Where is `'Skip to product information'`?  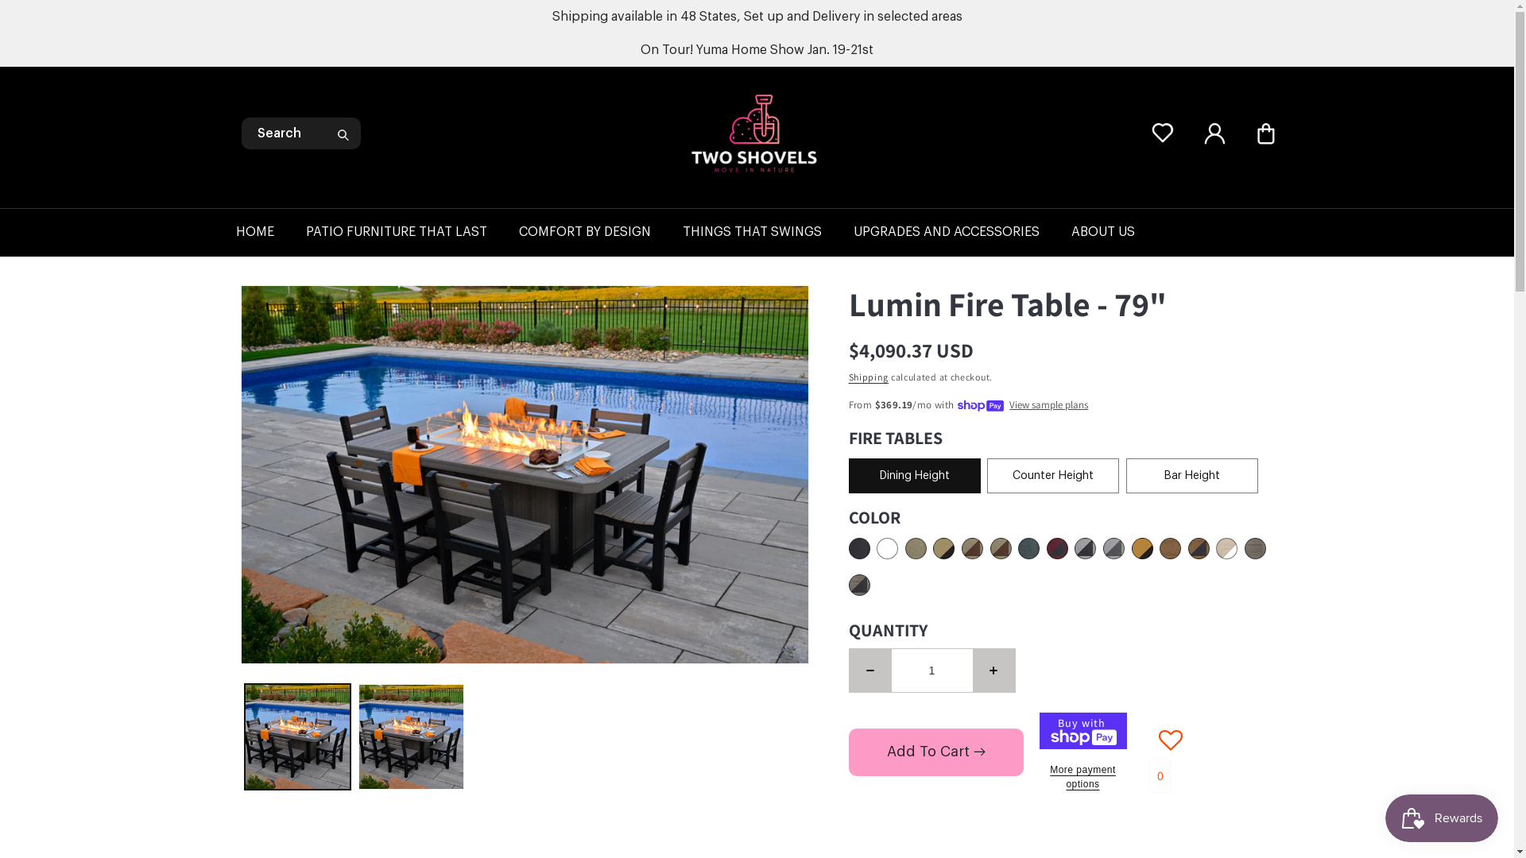 'Skip to product information' is located at coordinates (289, 303).